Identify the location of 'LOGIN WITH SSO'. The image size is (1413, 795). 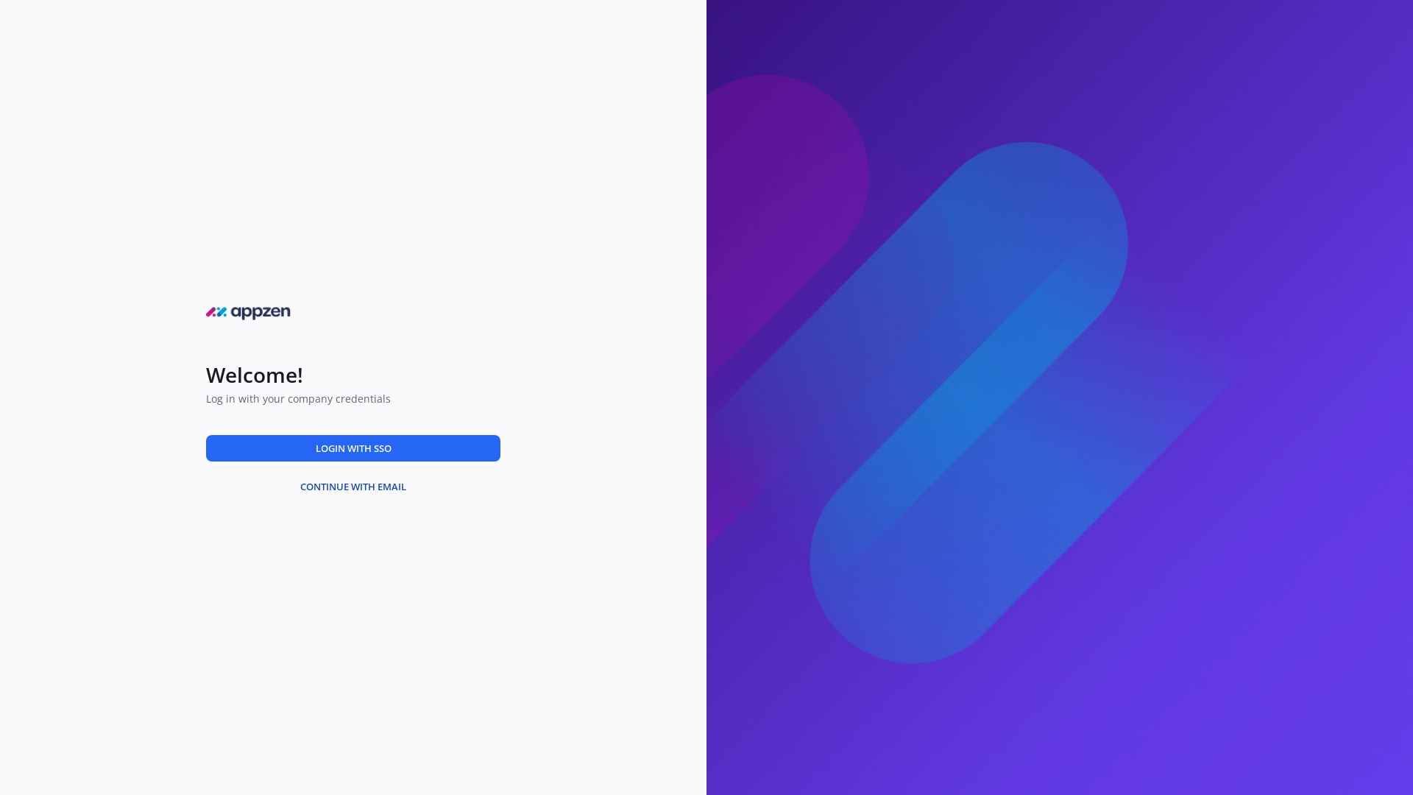
(353, 447).